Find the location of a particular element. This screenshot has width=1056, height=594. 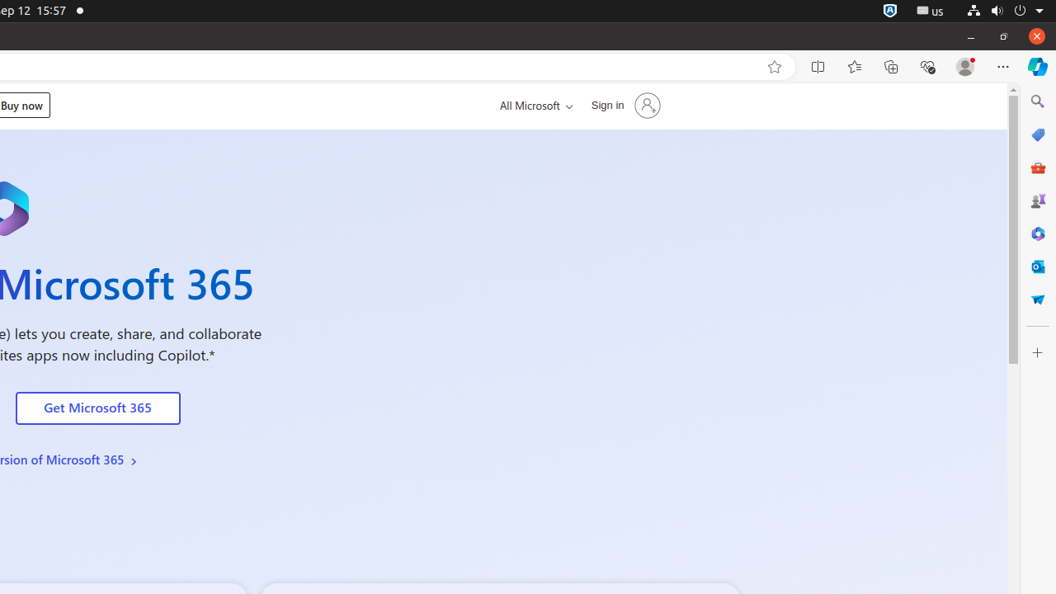

'Profile 1 Profile, Please sign in' is located at coordinates (965, 66).